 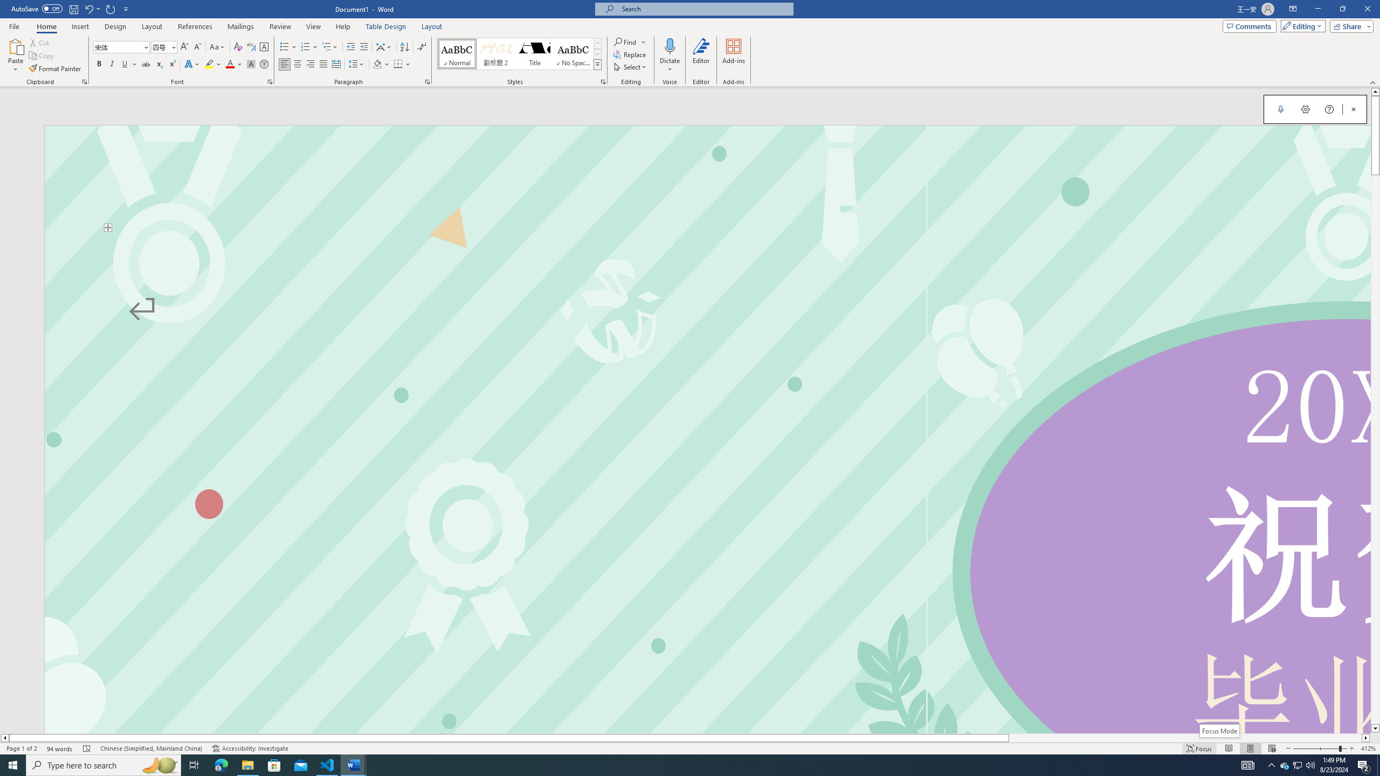 I want to click on 'Font Color Red', so click(x=229, y=64).